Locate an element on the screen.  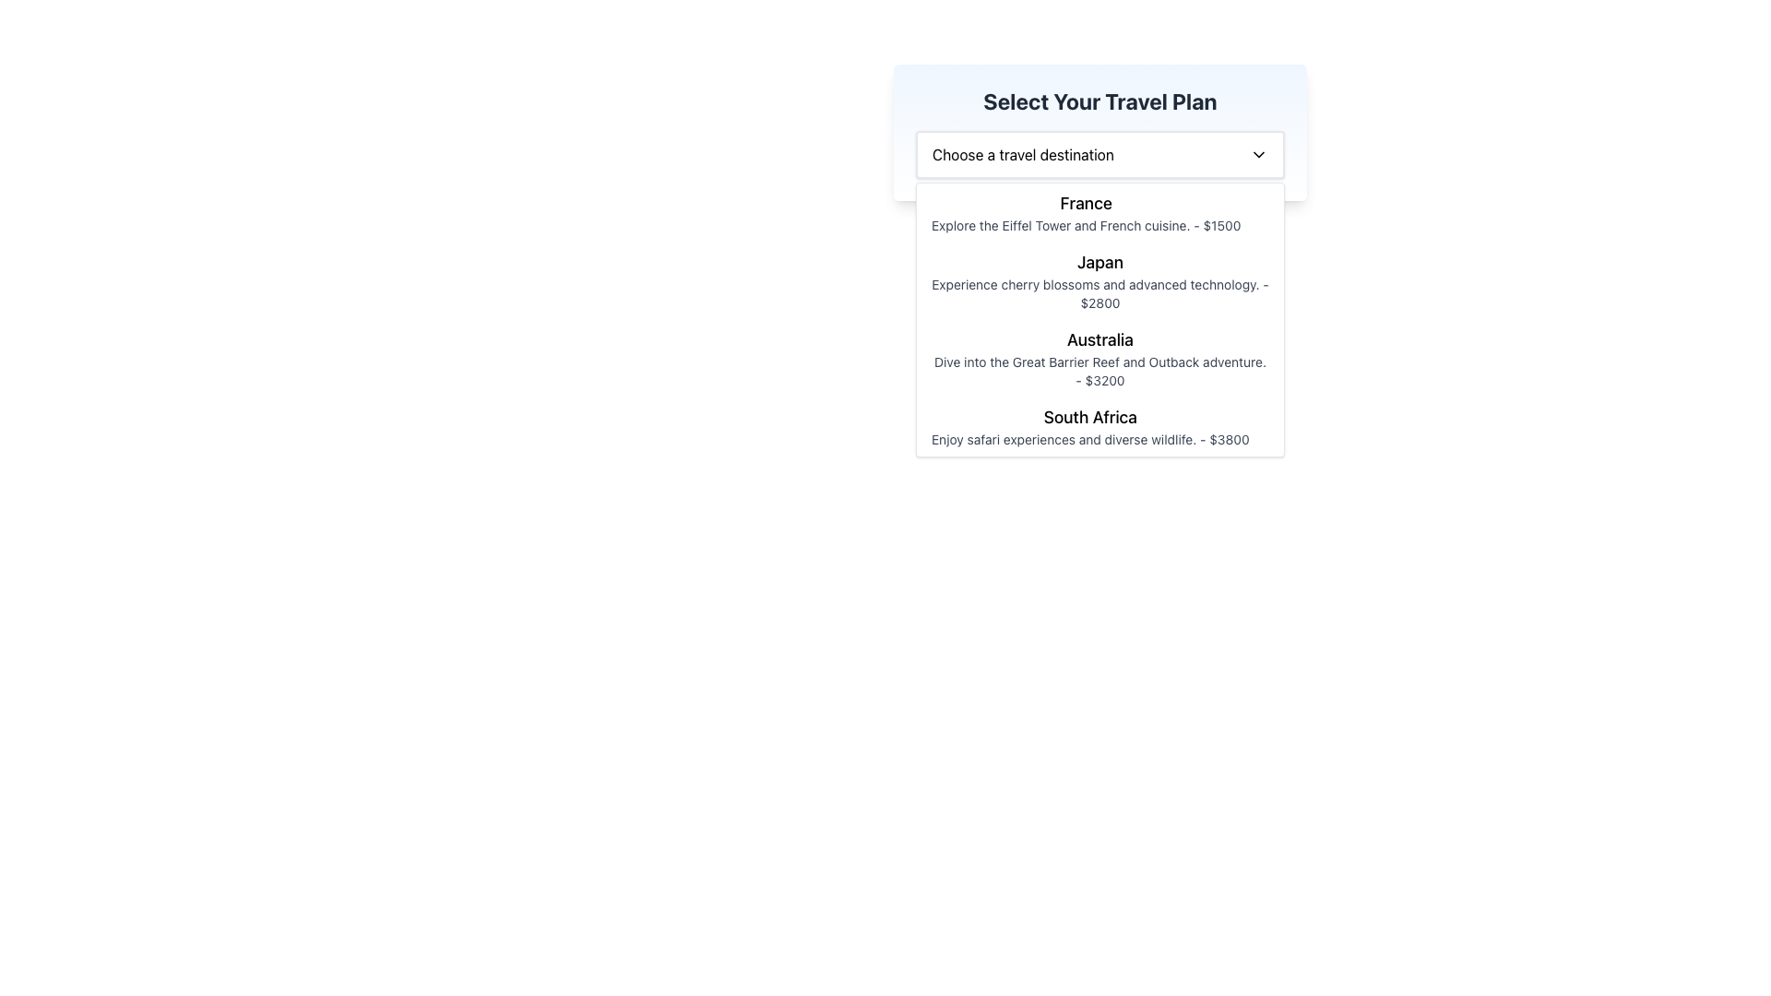
text label that contains the word 'France', which is prominently positioned at the top of a descriptive entry in a list of travel destinations is located at coordinates (1086, 203).